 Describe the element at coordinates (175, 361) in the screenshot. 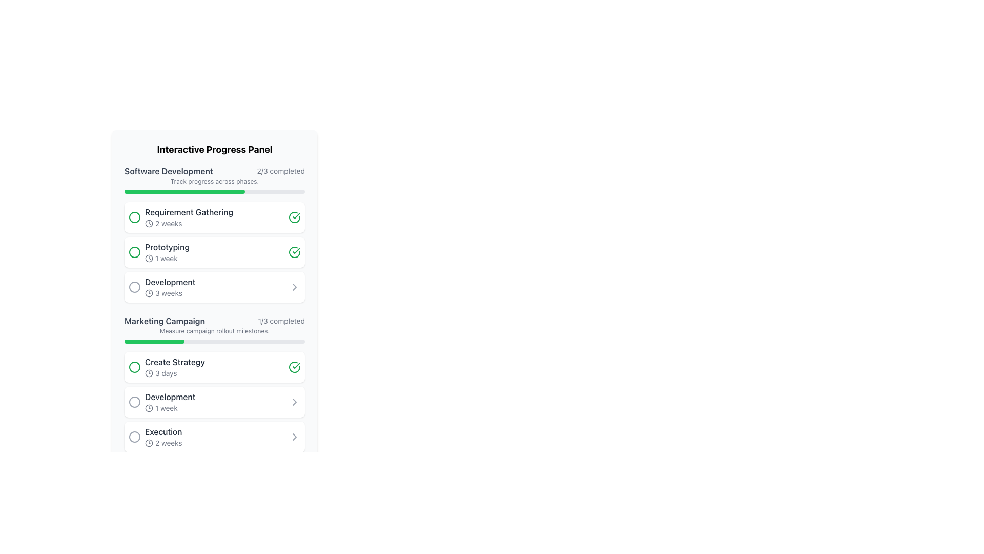

I see `the 'Create Strategy' static text label, which is prominently displayed at the top of its task card under the 'Marketing Campaign' category` at that location.